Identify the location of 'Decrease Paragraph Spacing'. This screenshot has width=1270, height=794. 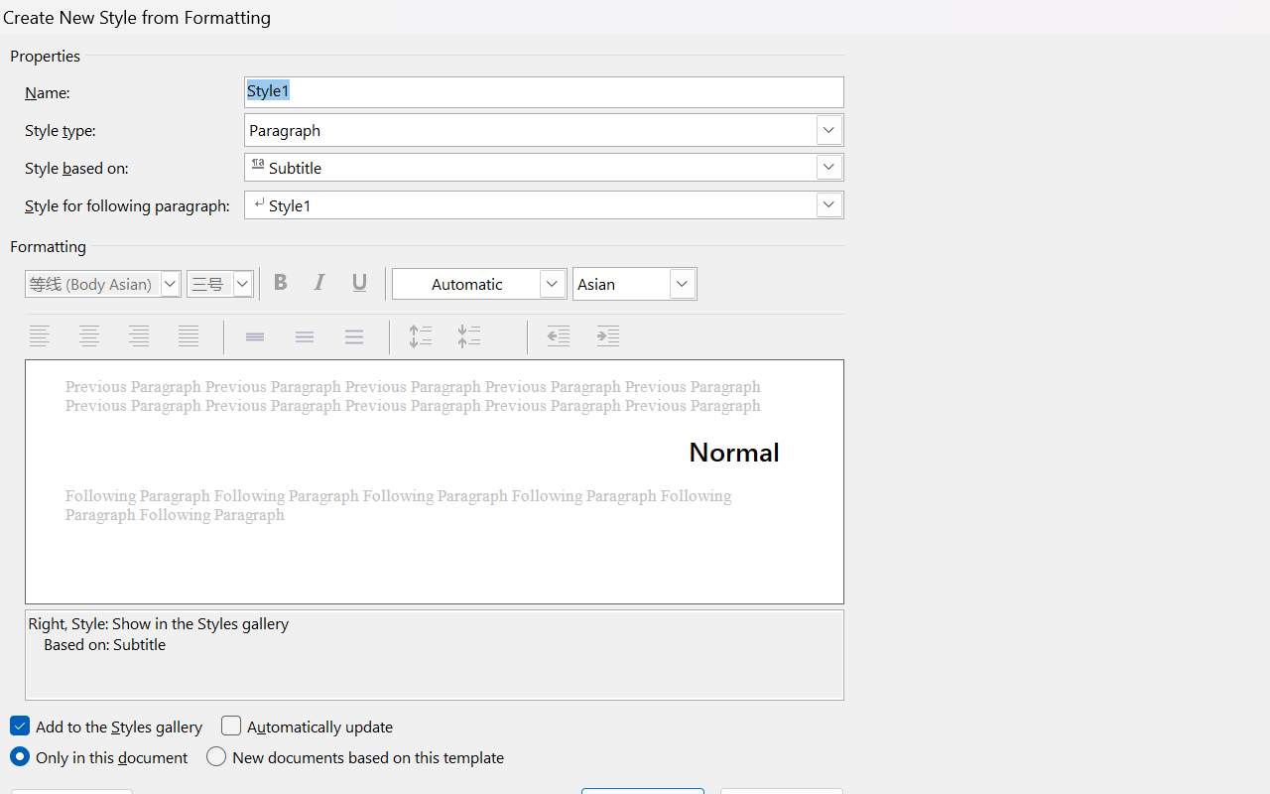
(471, 336).